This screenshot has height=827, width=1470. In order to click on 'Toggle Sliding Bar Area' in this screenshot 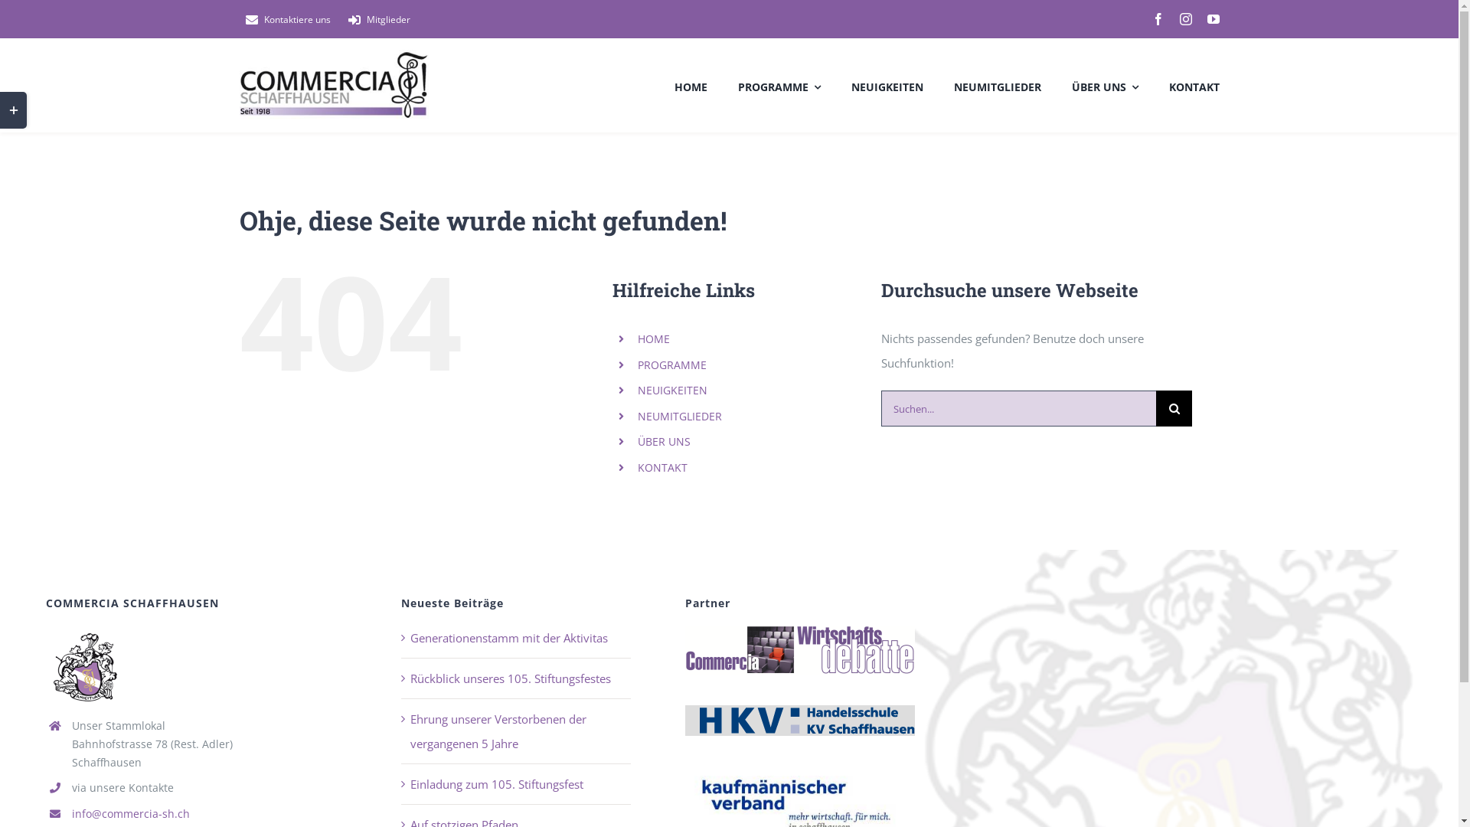, I will do `click(13, 109)`.